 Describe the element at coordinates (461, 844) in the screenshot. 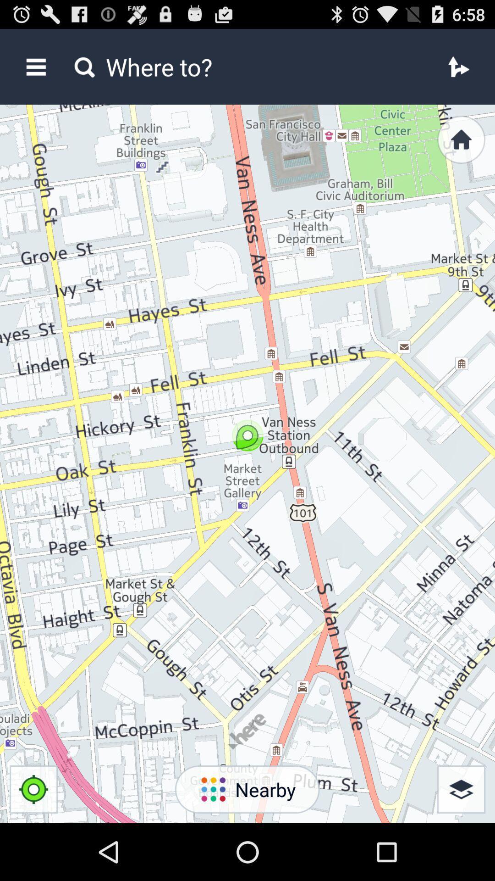

I see `the layers icon` at that location.